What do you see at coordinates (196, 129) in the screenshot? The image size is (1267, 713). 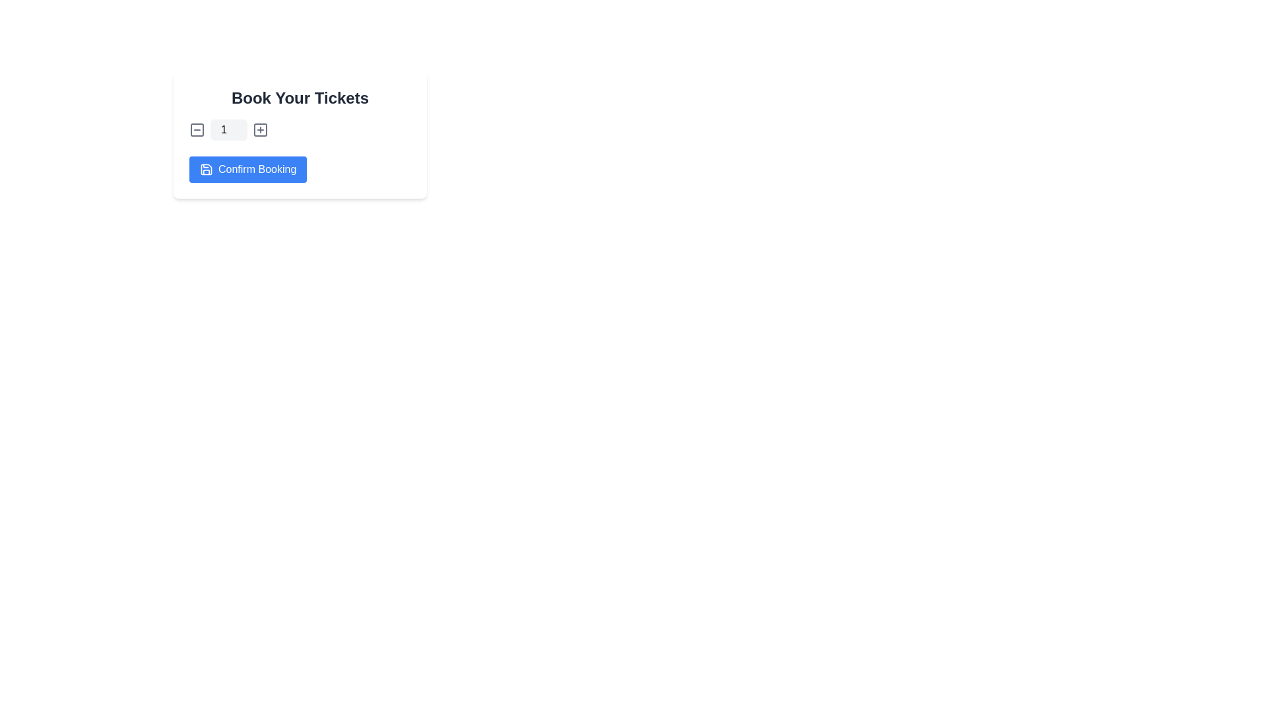 I see `the button with an integrated icon to decrease the value in the associated numerical input field located next to it` at bounding box center [196, 129].